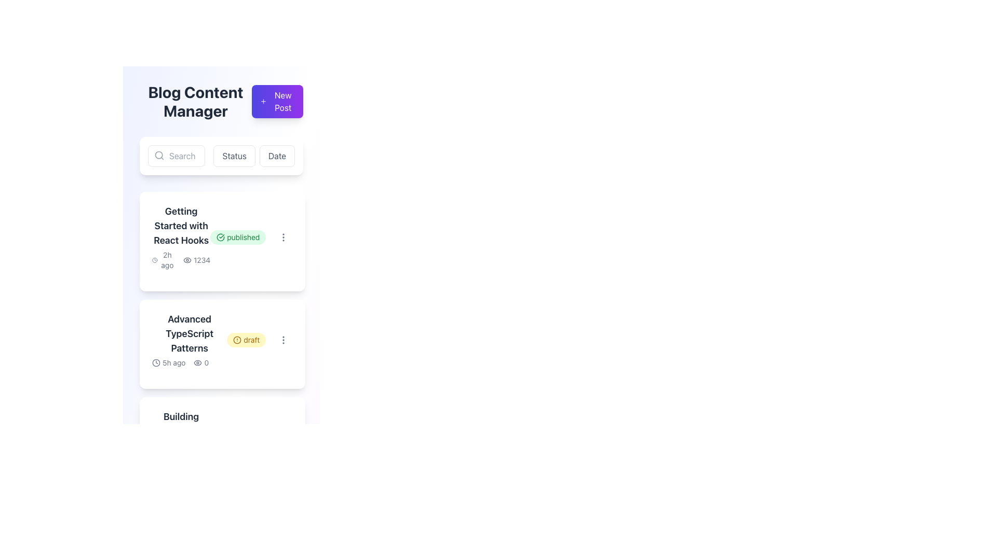 Image resolution: width=997 pixels, height=560 pixels. I want to click on the section header titled 'Blog Content Manager' which contains a bold title and a button labeled 'New Post', so click(221, 102).